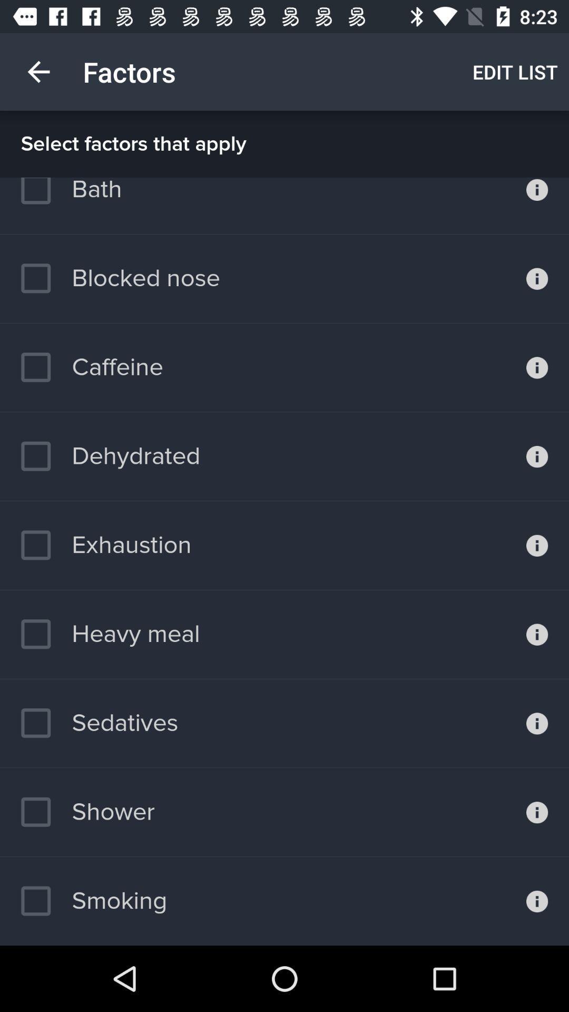 This screenshot has width=569, height=1012. I want to click on open bath information page, so click(537, 206).